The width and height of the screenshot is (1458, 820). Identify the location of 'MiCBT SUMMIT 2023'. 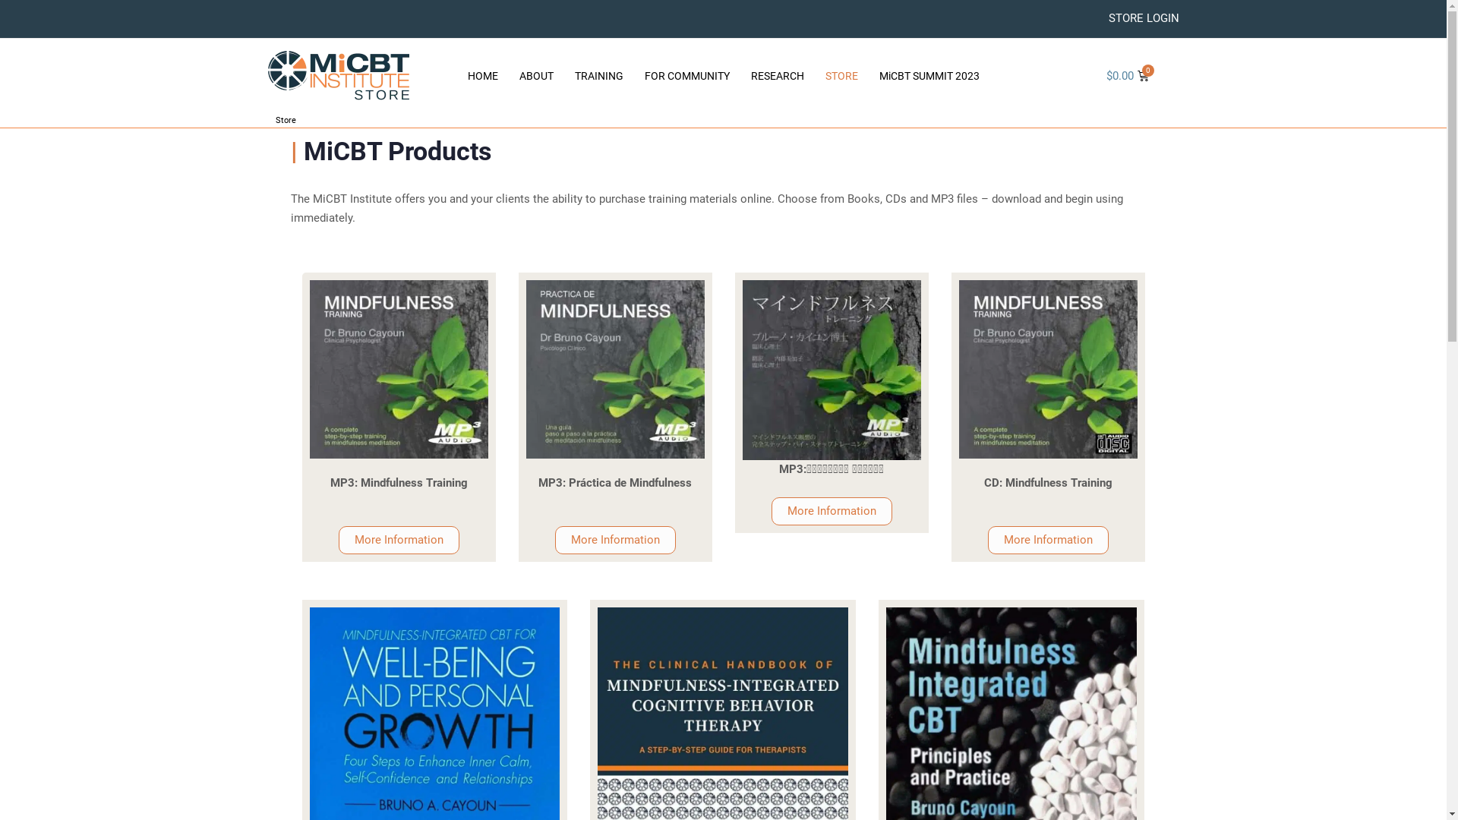
(929, 76).